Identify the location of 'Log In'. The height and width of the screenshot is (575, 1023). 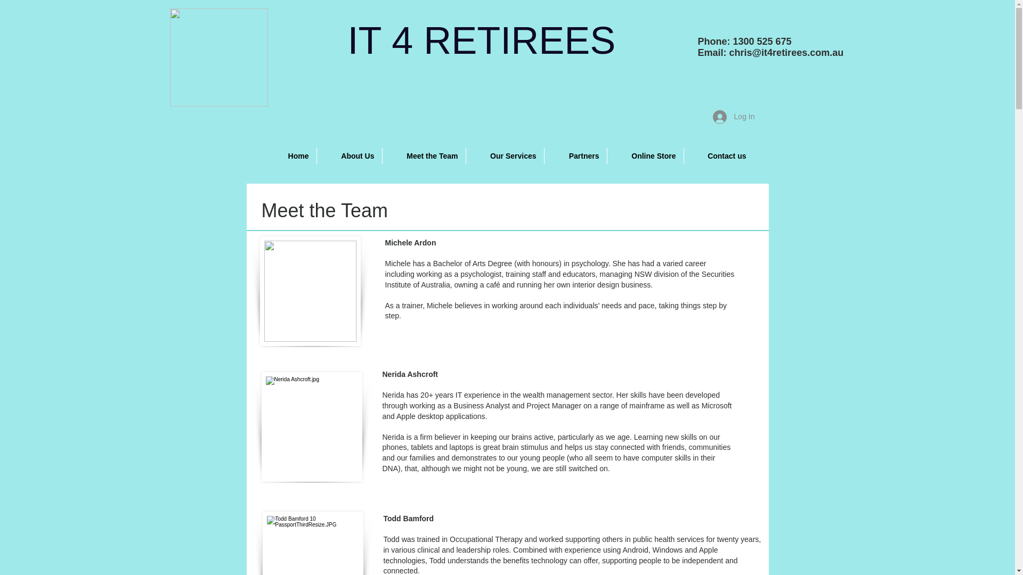
(733, 117).